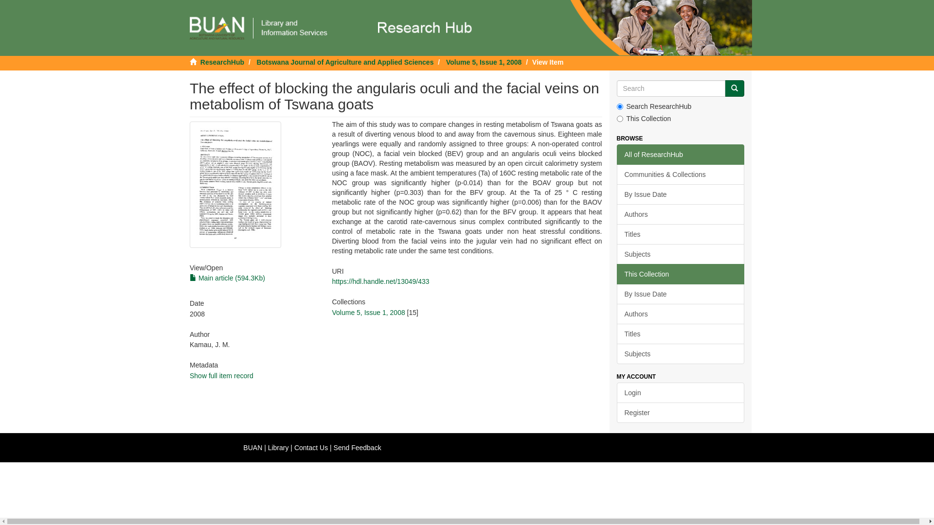  Describe the element at coordinates (616, 294) in the screenshot. I see `'By Issue Date'` at that location.